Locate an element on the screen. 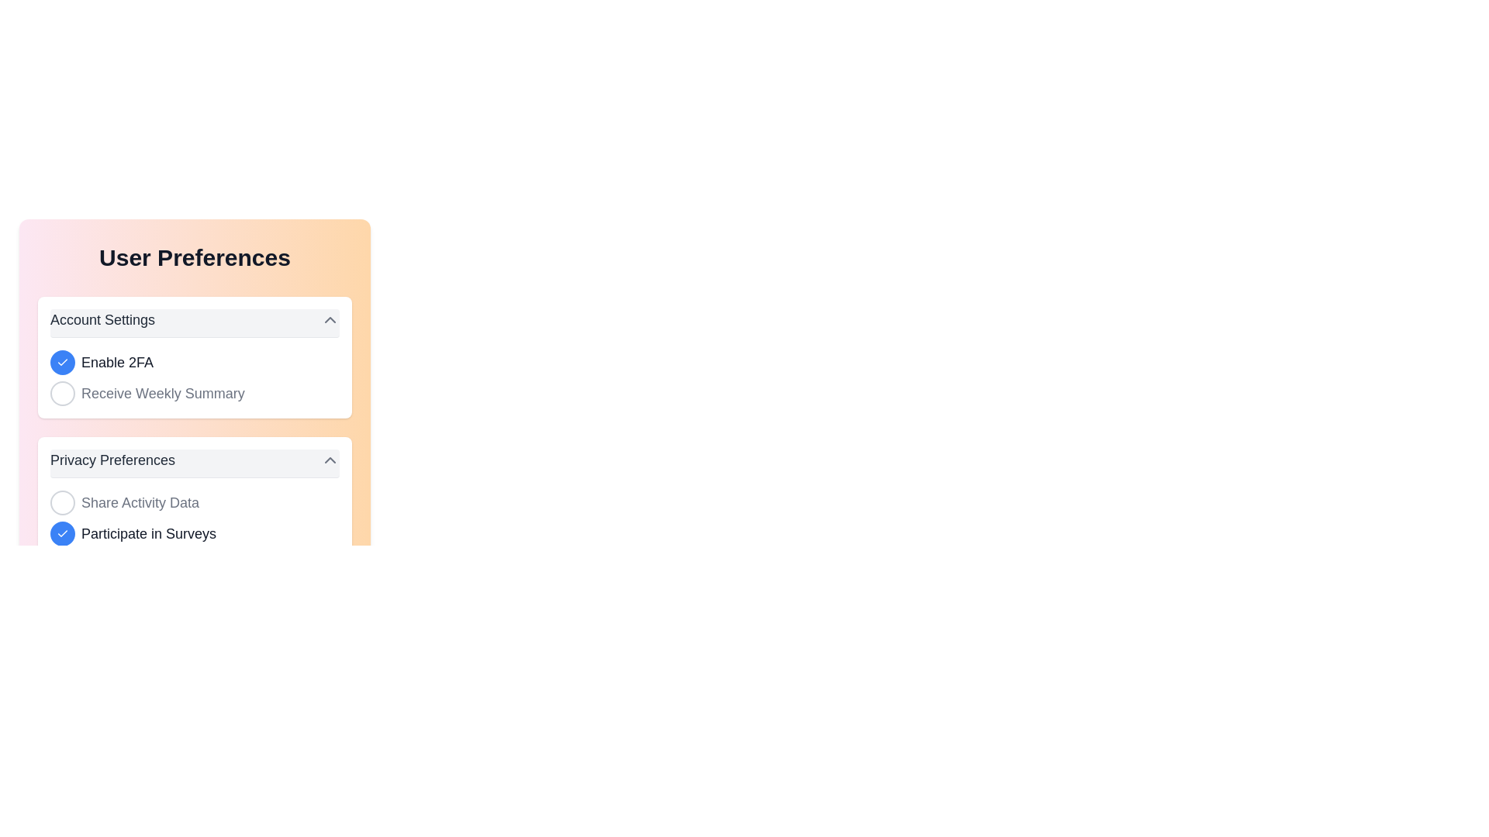 The height and width of the screenshot is (837, 1489). the 'Grouped option items' in the 'Account Settings' section of the 'User Preferences' module is located at coordinates (194, 378).